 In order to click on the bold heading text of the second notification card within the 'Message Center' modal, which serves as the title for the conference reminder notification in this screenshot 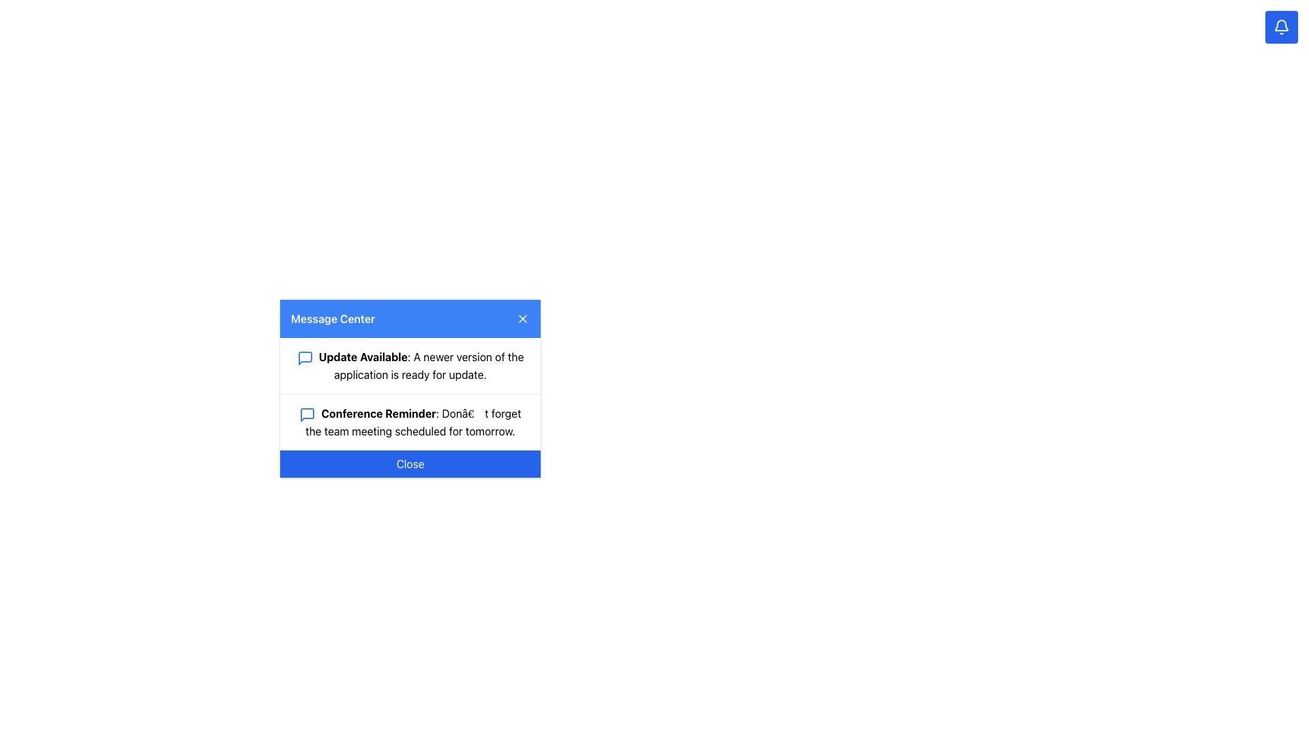, I will do `click(378, 412)`.